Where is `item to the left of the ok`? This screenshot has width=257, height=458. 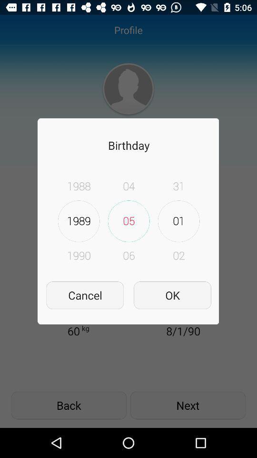 item to the left of the ok is located at coordinates (85, 295).